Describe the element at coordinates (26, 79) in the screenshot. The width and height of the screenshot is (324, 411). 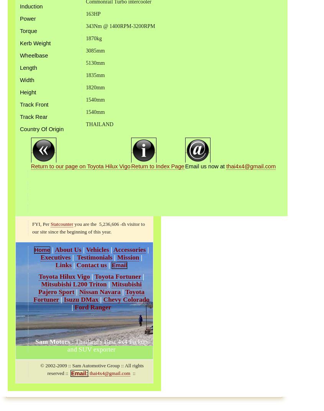
I see `'Width'` at that location.